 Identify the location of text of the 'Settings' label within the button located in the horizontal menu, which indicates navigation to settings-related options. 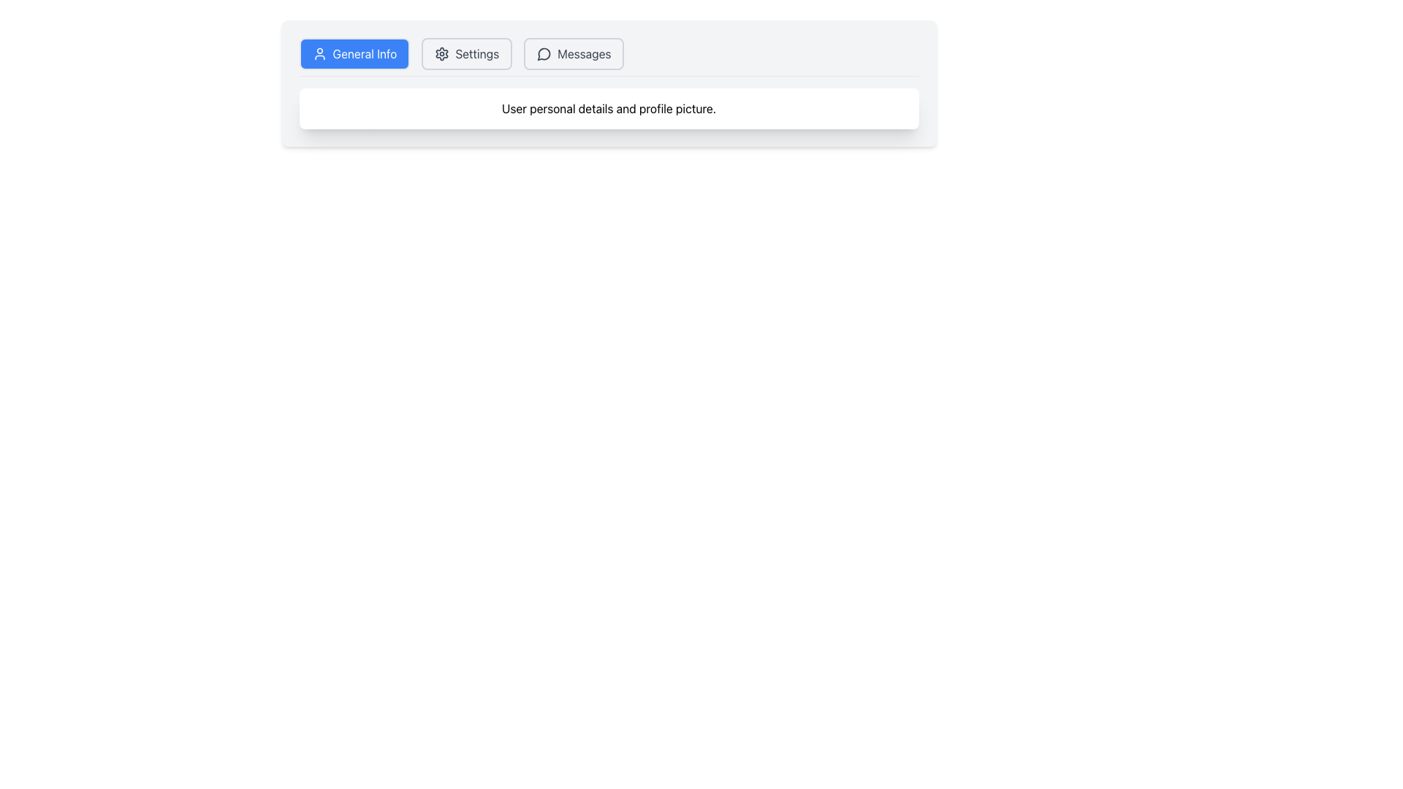
(477, 53).